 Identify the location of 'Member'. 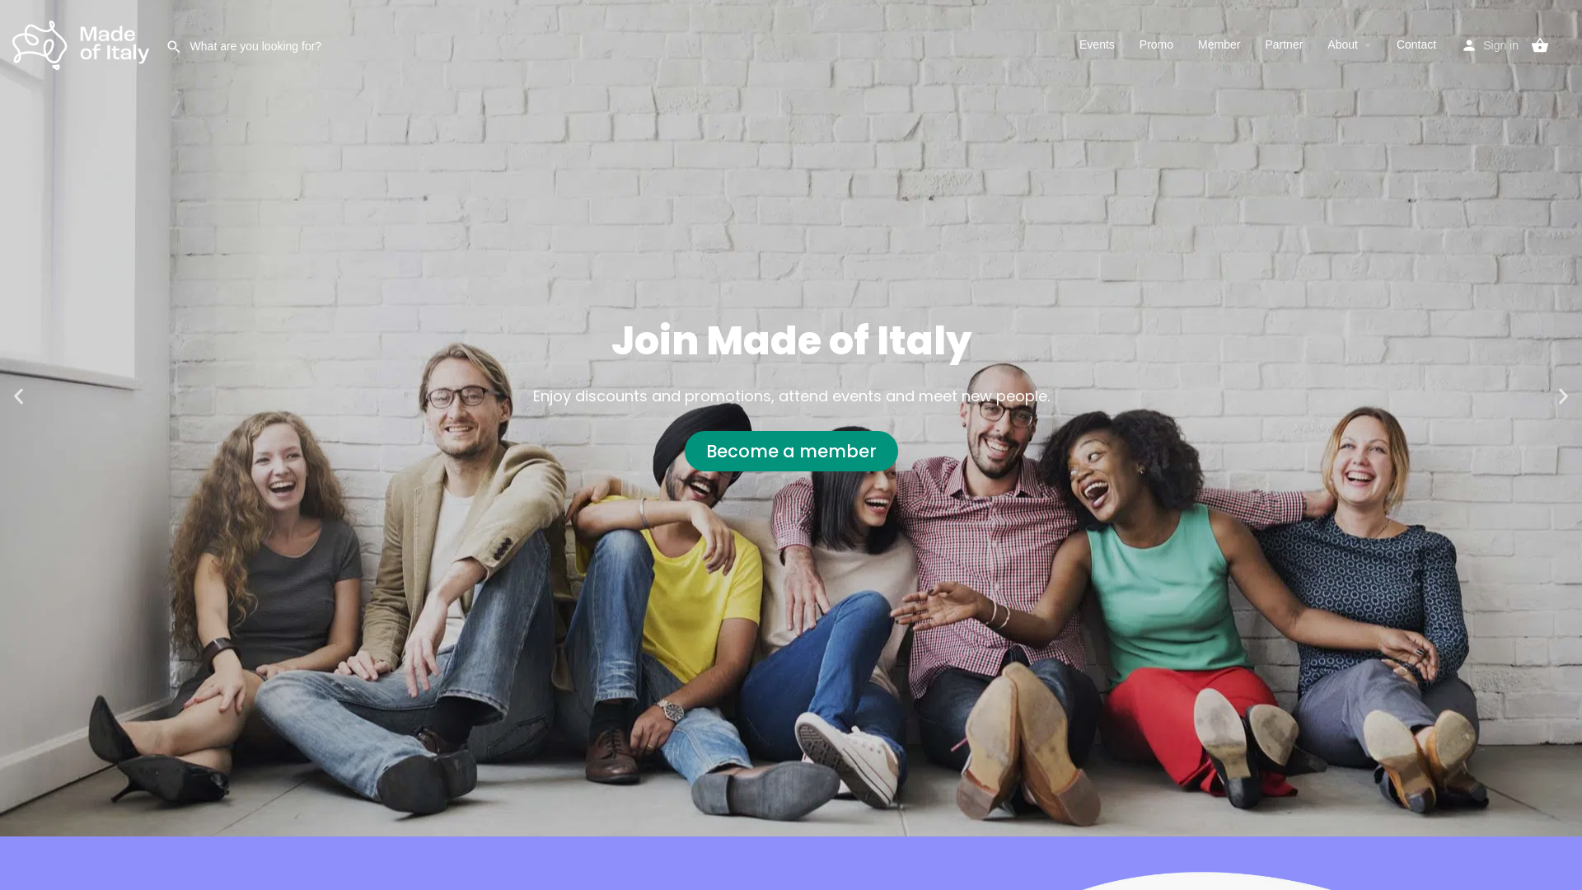
(1219, 44).